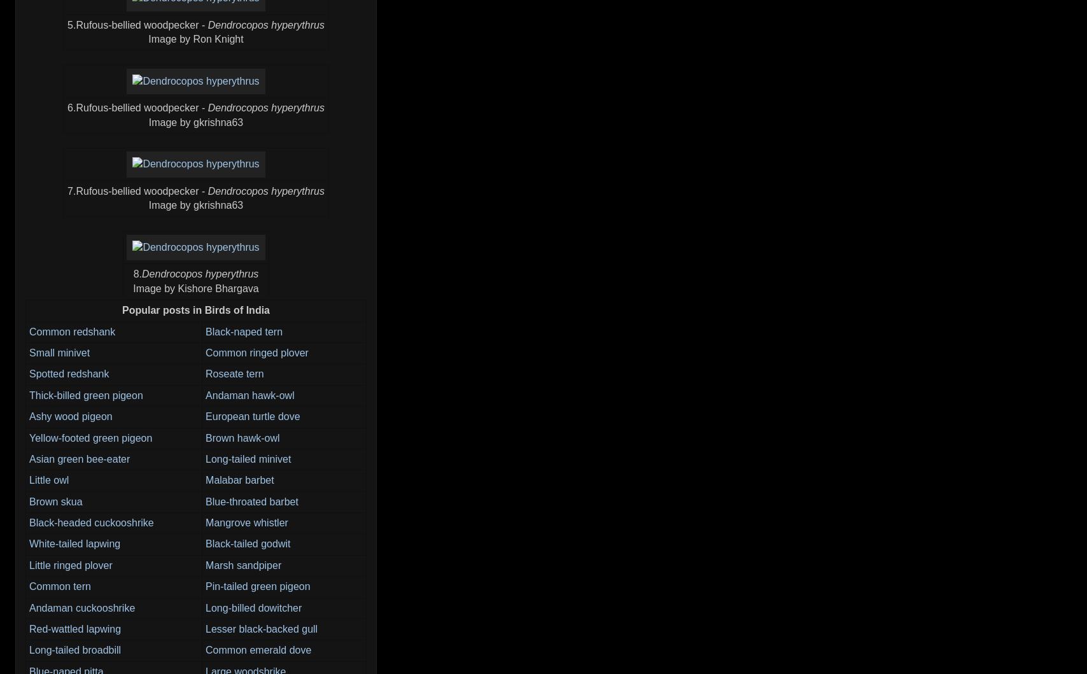  I want to click on 'Thick-billed green pigeon', so click(29, 394).